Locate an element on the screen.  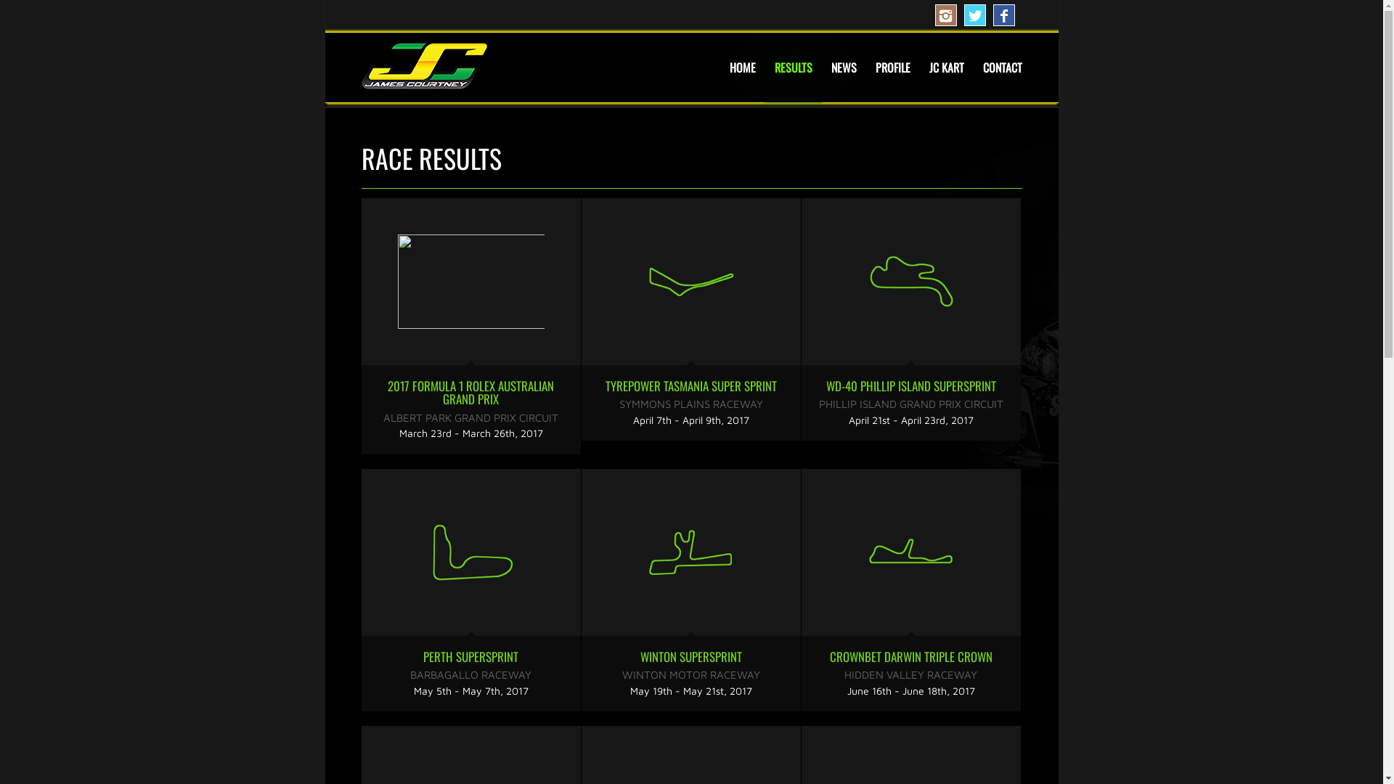
'CONTACT' is located at coordinates (996, 67).